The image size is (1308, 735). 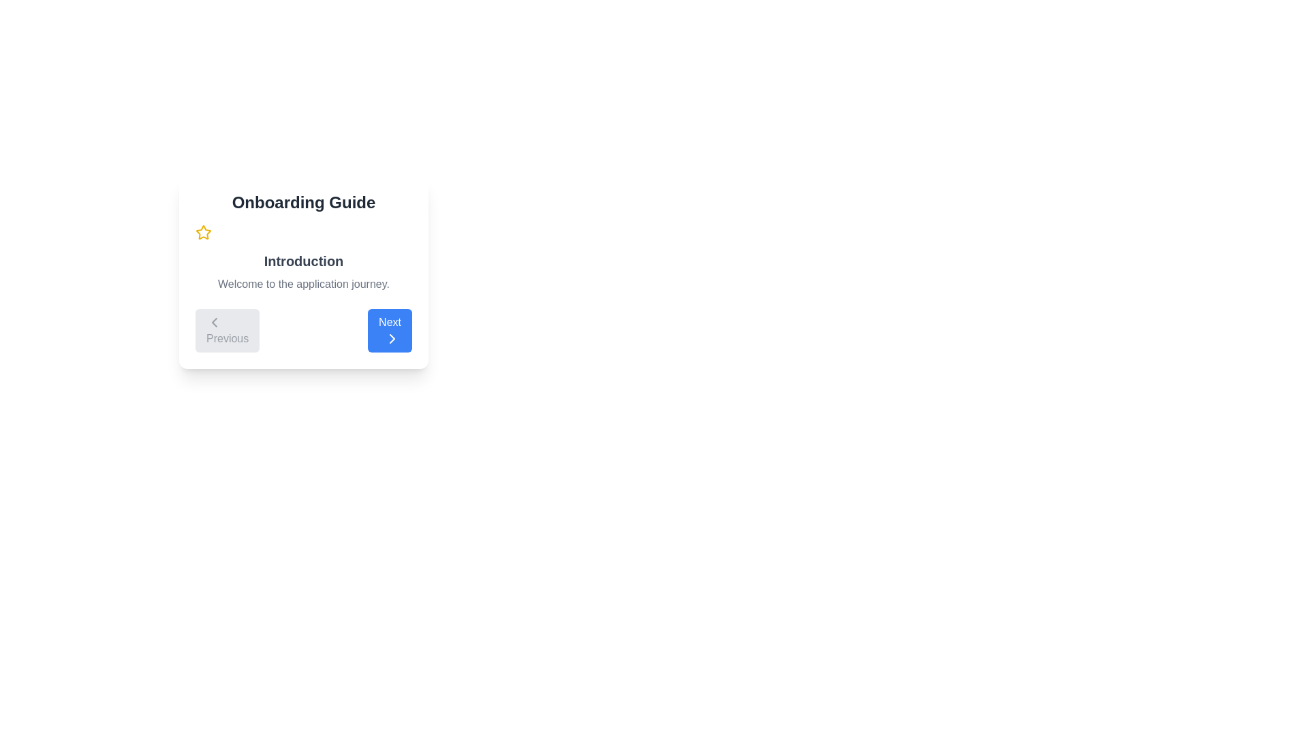 What do you see at coordinates (392, 338) in the screenshot?
I see `the right-facing chevron icon located within the 'Next' button at the bottom-right corner of the 'Onboarding Guide' card` at bounding box center [392, 338].